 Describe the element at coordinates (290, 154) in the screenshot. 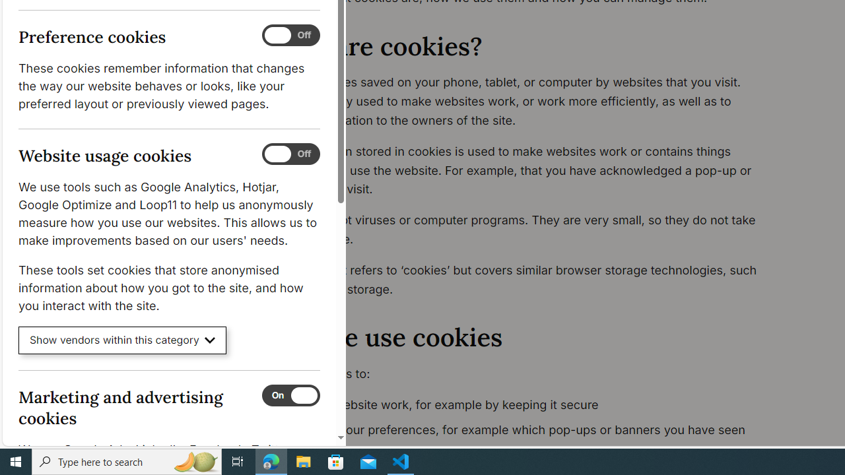

I see `'Website usage cookies'` at that location.